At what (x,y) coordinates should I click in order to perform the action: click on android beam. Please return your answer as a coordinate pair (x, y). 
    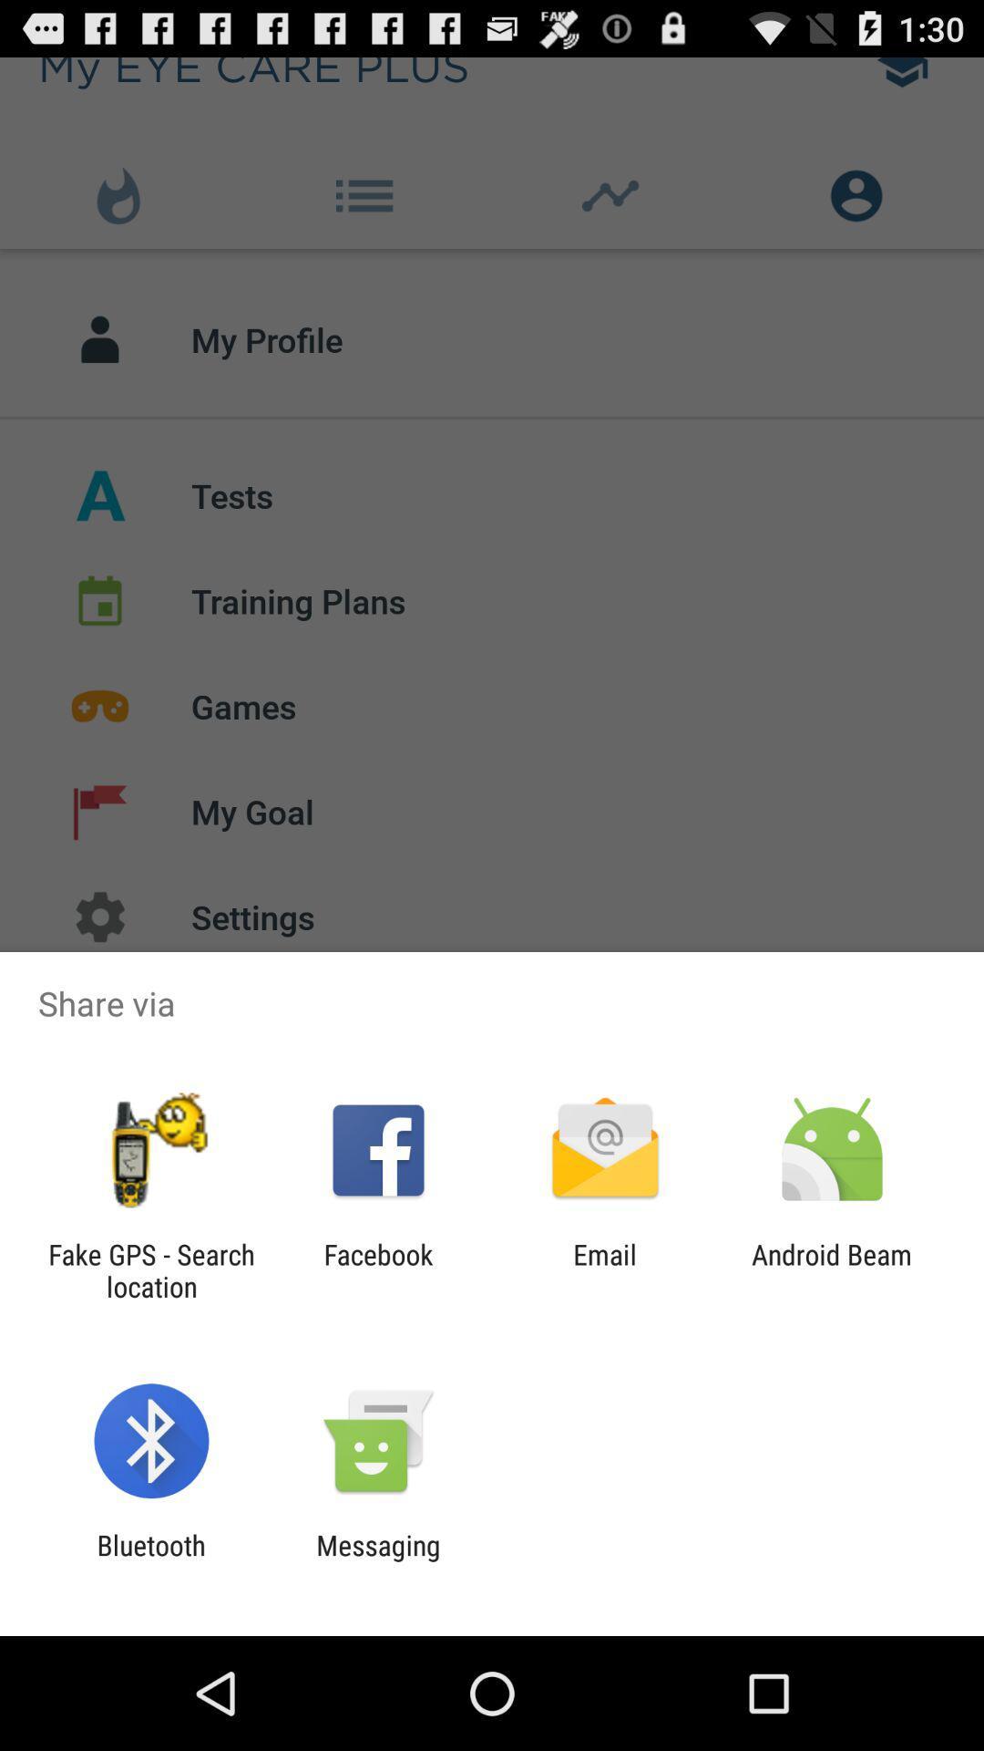
    Looking at the image, I should click on (832, 1269).